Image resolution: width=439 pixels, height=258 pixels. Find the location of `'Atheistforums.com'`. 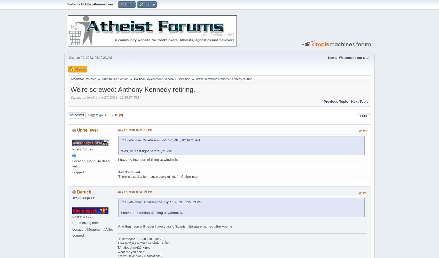

'Atheistforums.com' is located at coordinates (71, 79).